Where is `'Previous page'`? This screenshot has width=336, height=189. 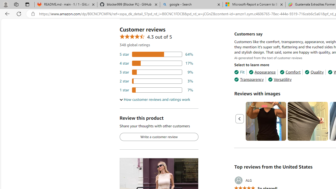
'Previous page' is located at coordinates (239, 119).